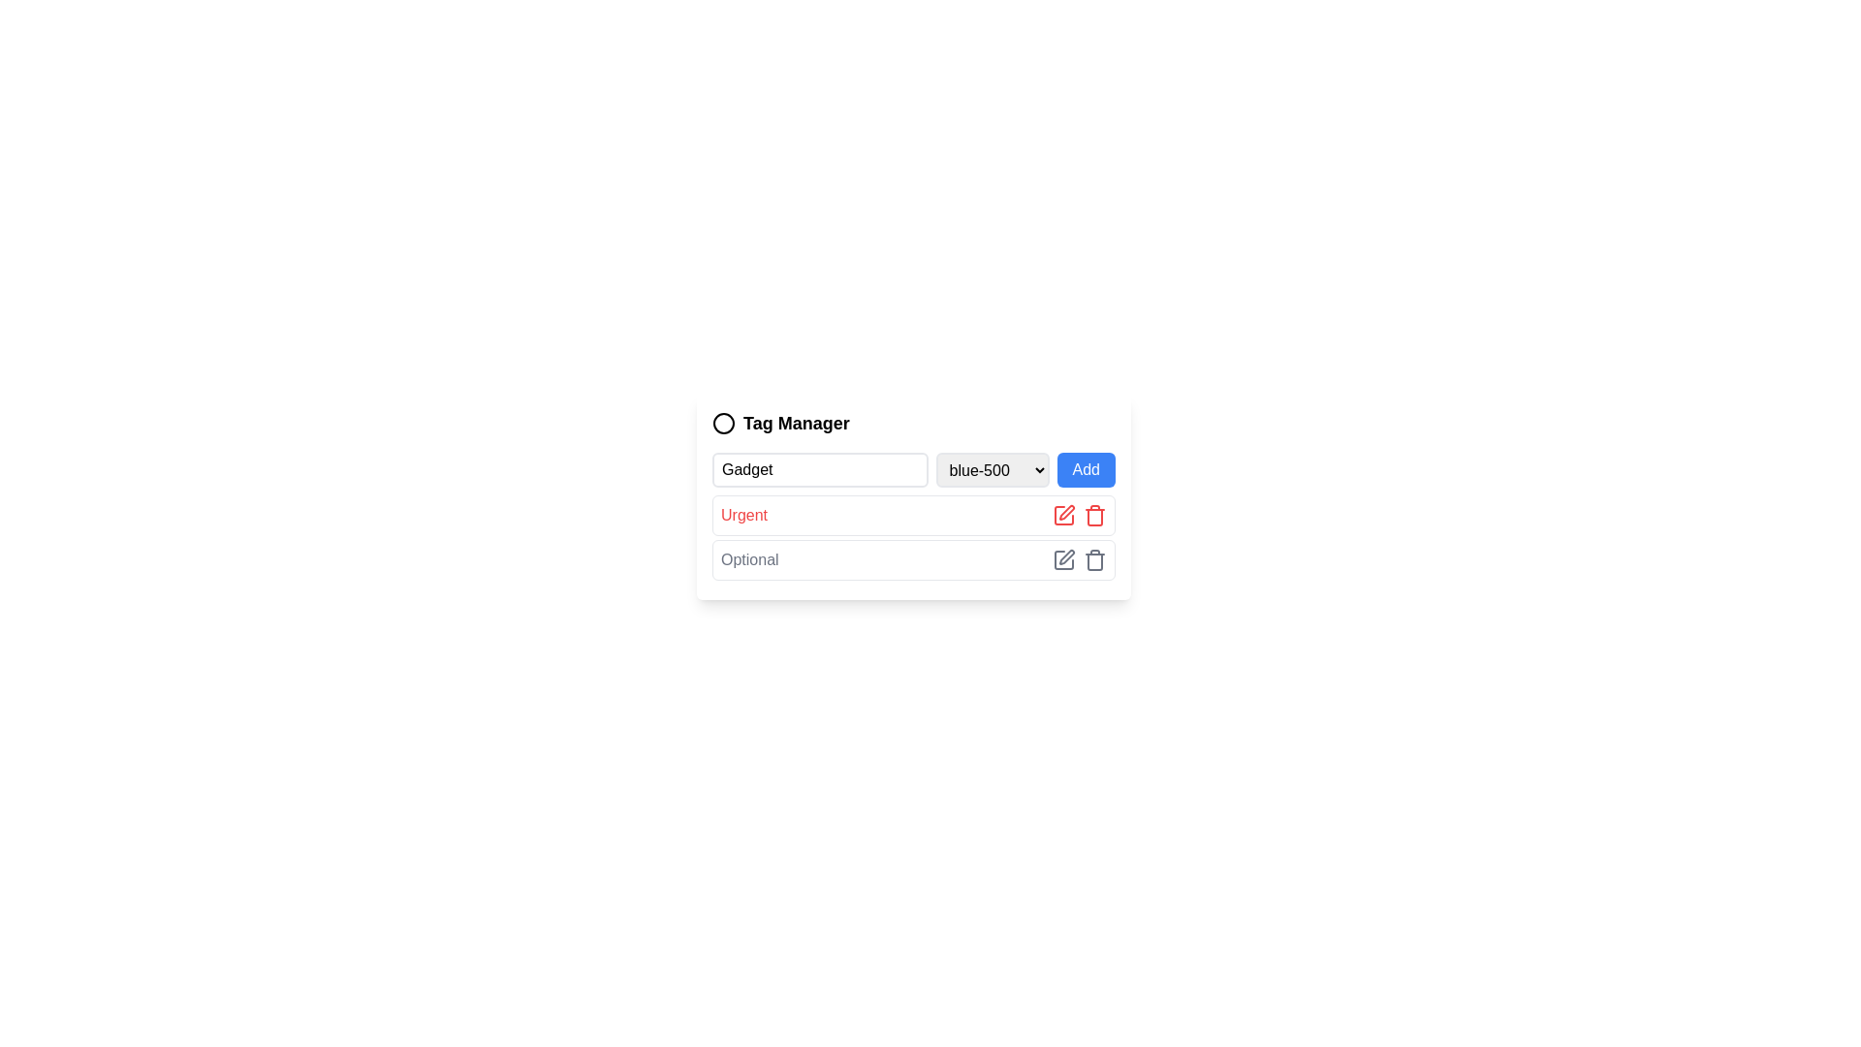  What do you see at coordinates (992, 470) in the screenshot?
I see `the dropdown menu labeled 'blue-500' located between the 'Gadget' text input and the 'Add' button in the Tag Manager section` at bounding box center [992, 470].